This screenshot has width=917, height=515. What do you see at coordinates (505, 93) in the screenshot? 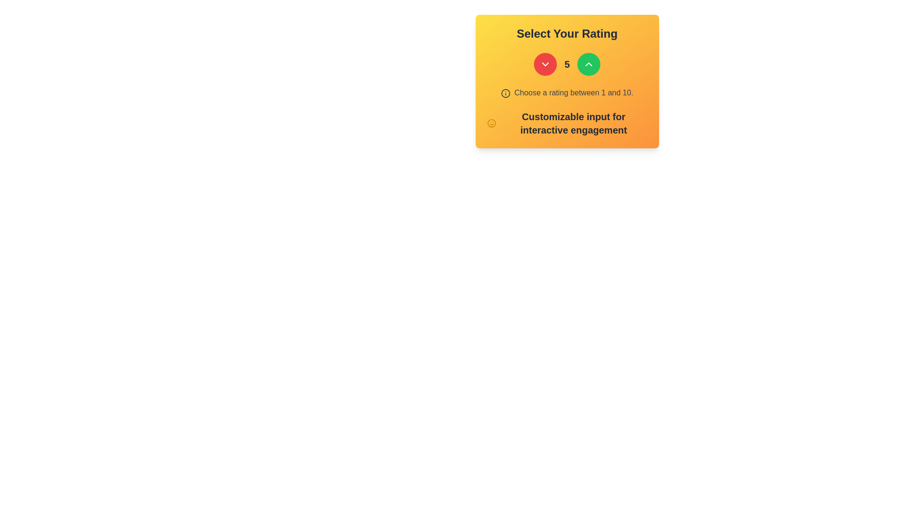
I see `the information icon located to the left of the text 'Choose a rating between 1 and 10'` at bounding box center [505, 93].